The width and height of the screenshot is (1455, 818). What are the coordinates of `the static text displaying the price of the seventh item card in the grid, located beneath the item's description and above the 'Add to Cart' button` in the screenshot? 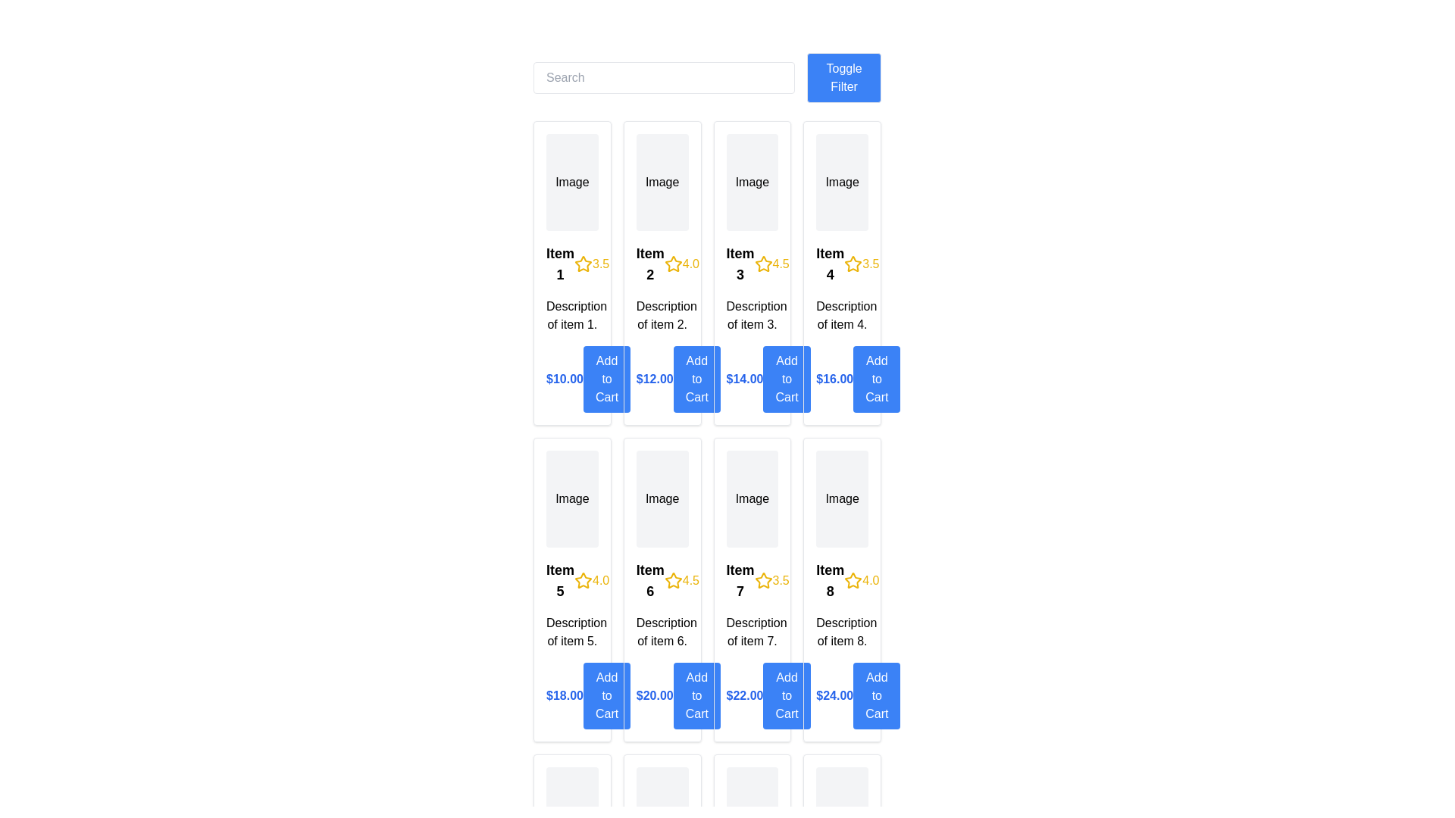 It's located at (745, 695).